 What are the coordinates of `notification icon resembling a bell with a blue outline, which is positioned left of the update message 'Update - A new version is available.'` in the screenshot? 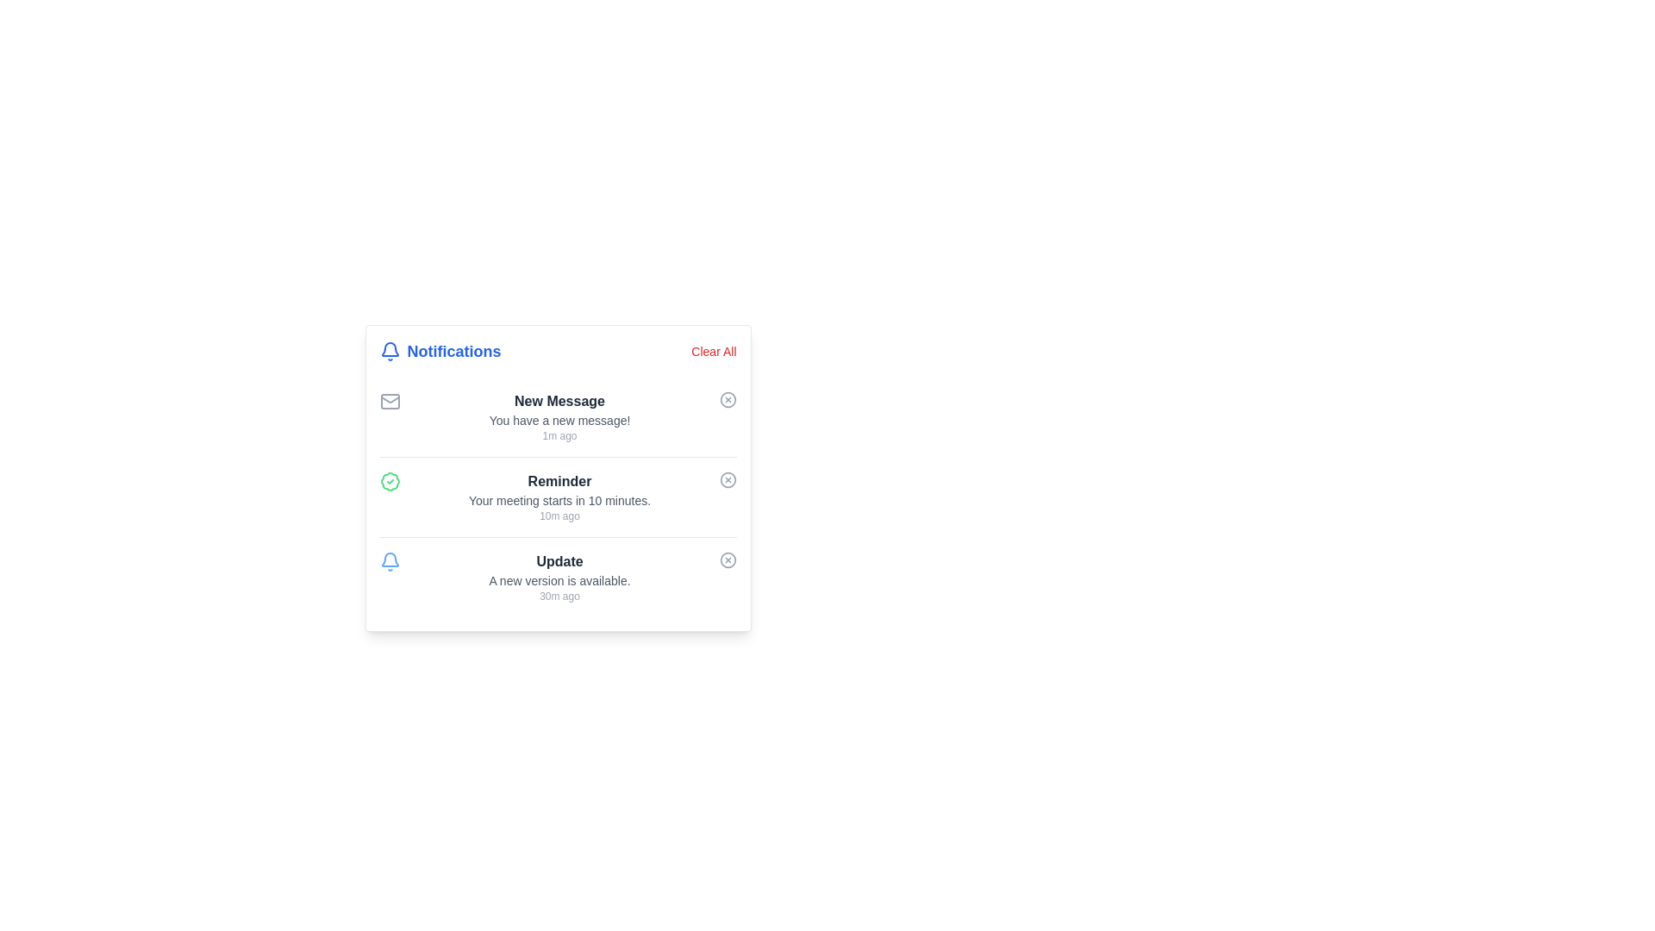 It's located at (389, 561).